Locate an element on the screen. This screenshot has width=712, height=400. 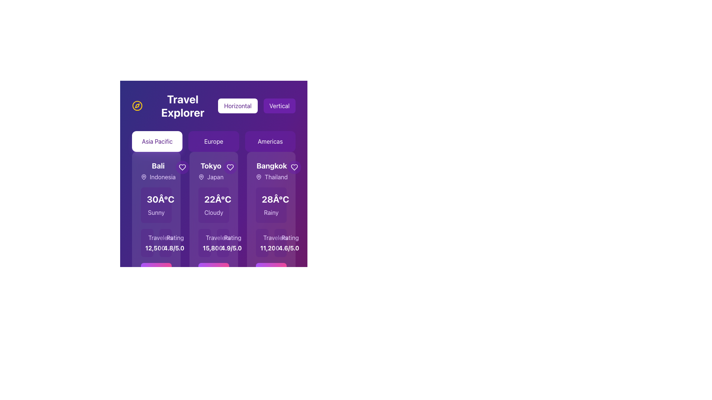
the heart-shaped icon under 'Tokyo, Japan' in the 'Travel Explorer' UI to mark it as a favorite is located at coordinates (230, 167).